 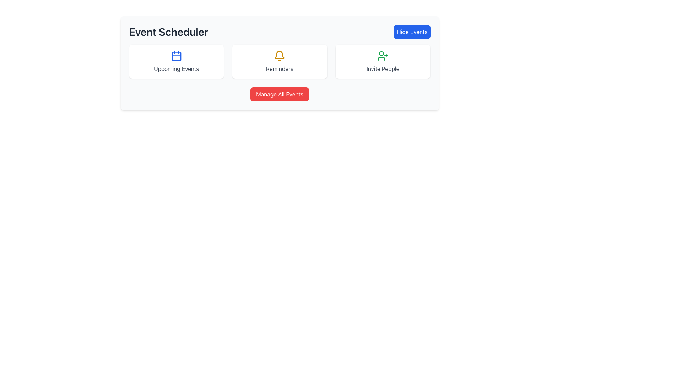 I want to click on the decorative notification icon located in the center of three icons within the Event Scheduler panel, specifically in the 'Reminders' card, so click(x=279, y=54).